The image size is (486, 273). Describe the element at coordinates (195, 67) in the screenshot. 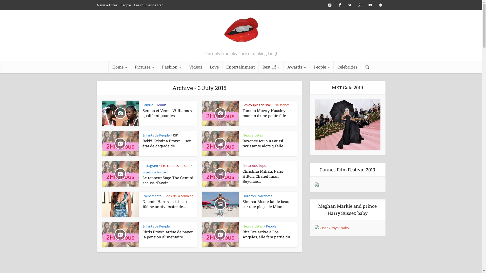

I see `'Videos'` at that location.